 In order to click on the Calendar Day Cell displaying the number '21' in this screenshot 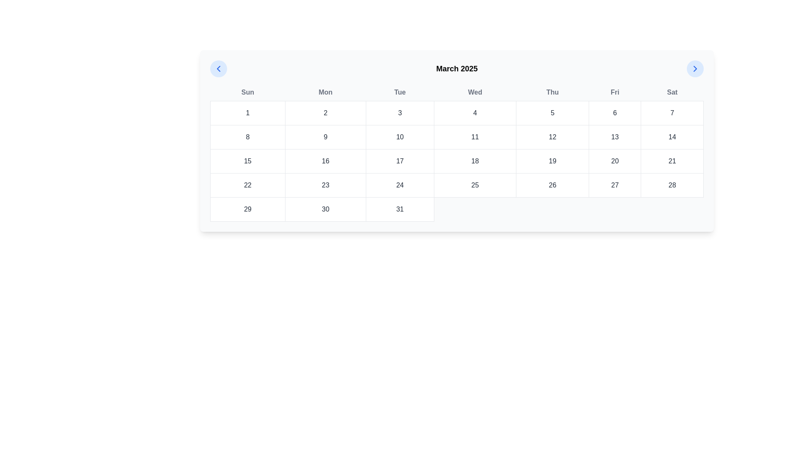, I will do `click(672, 161)`.